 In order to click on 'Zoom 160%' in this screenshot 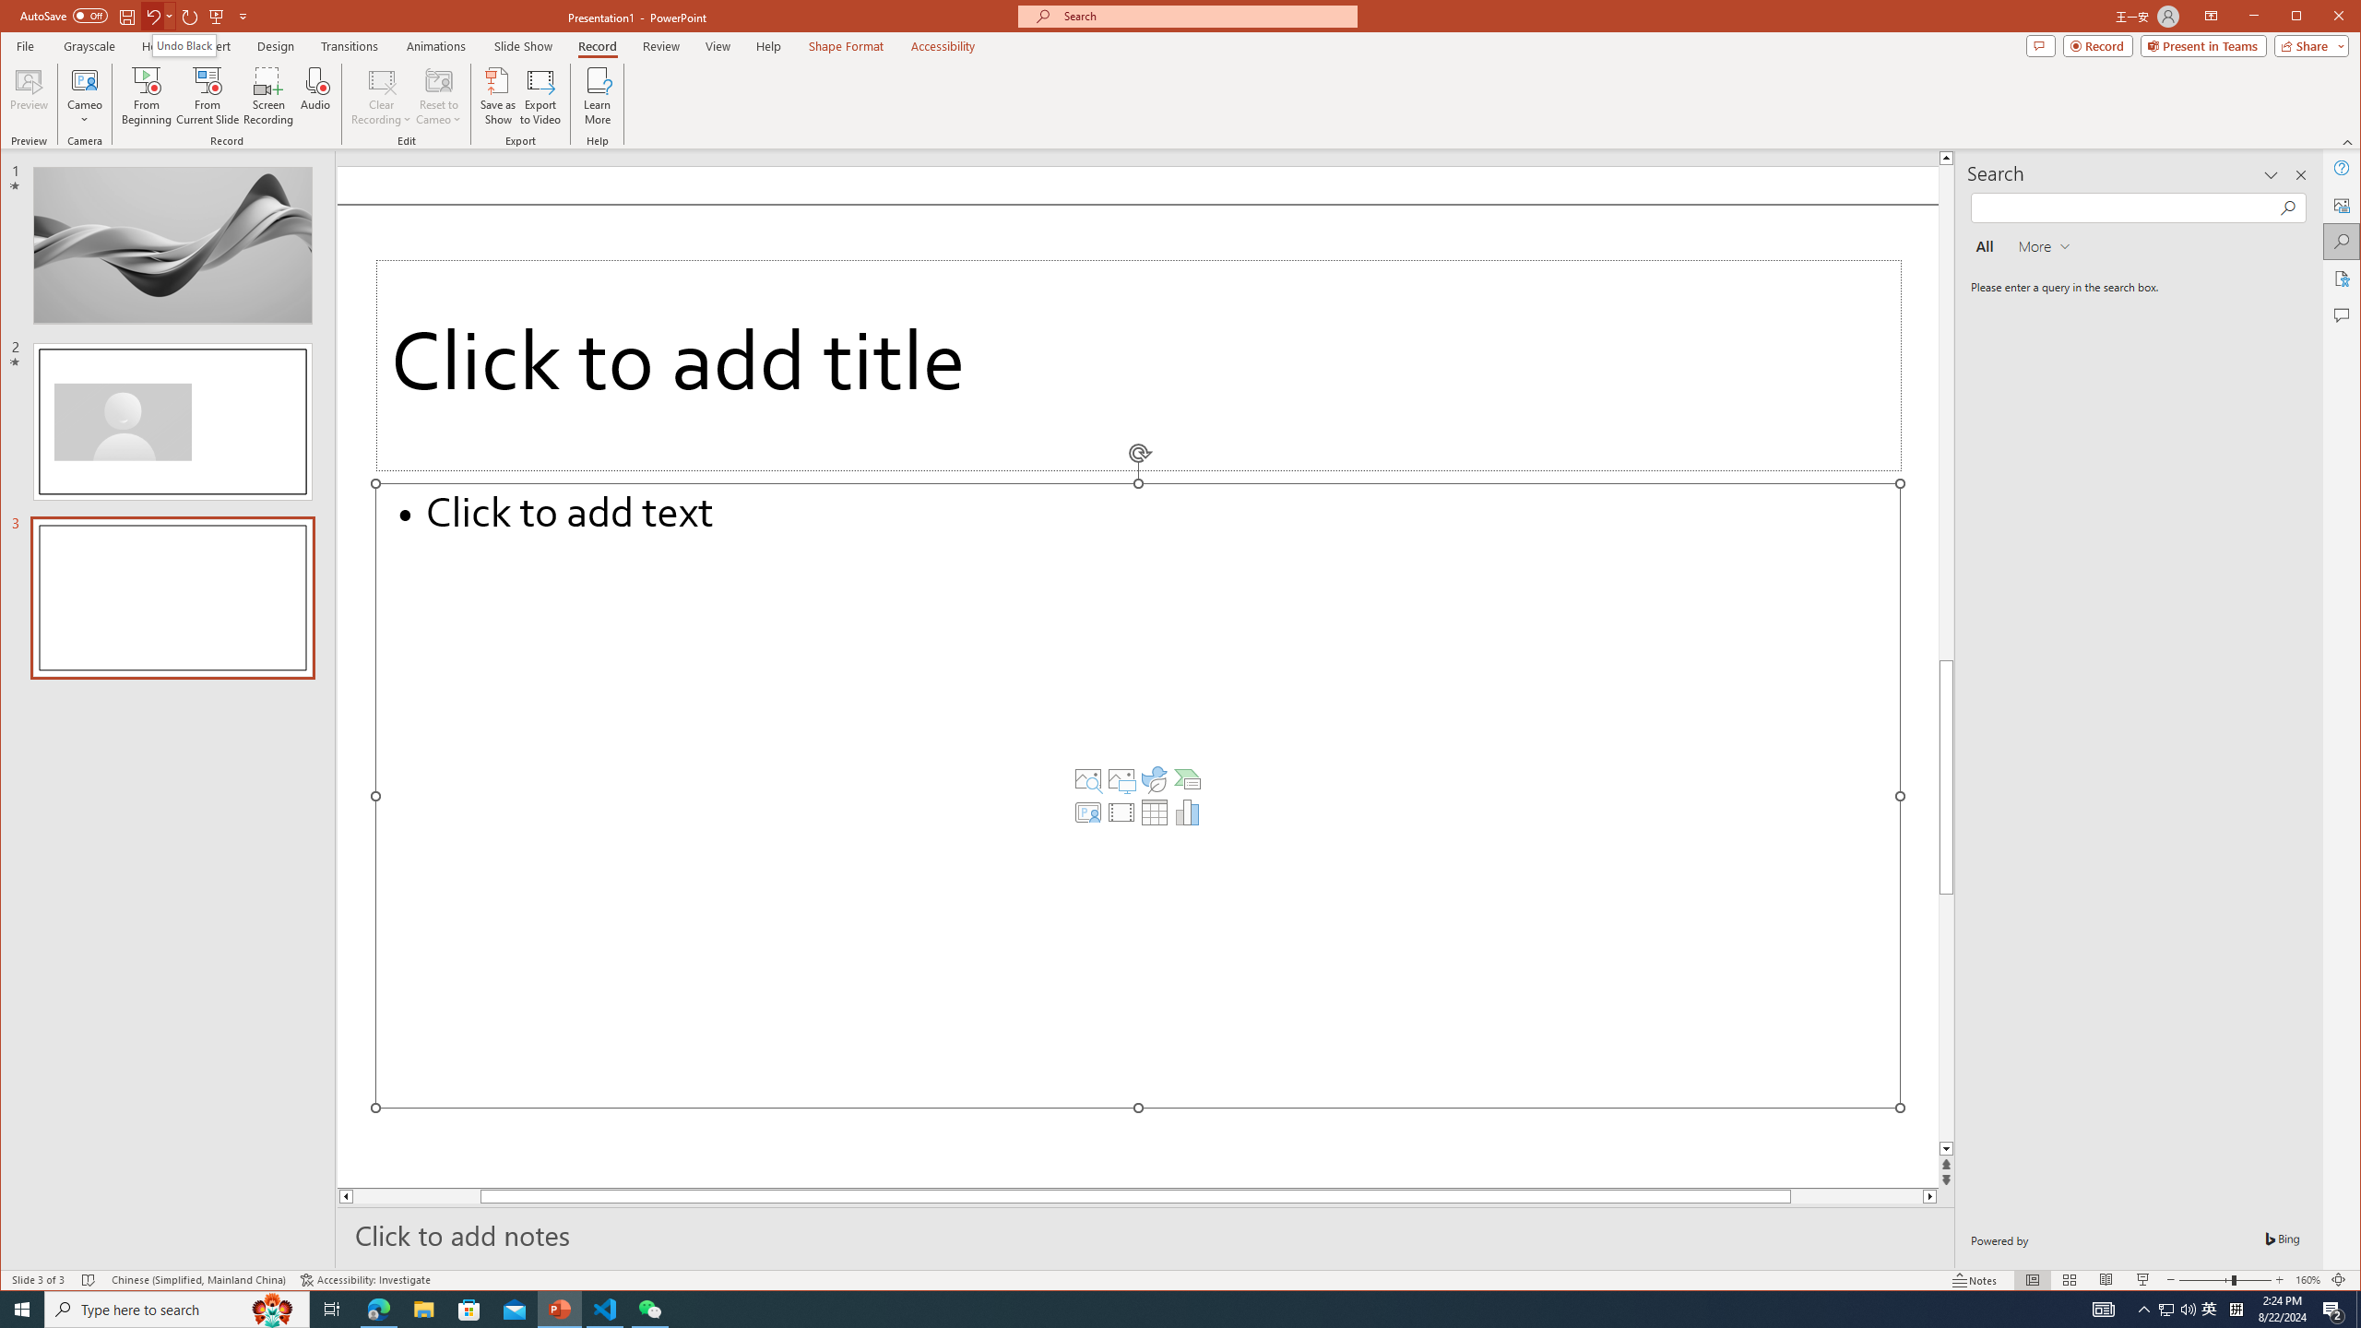, I will do `click(2308, 1279)`.